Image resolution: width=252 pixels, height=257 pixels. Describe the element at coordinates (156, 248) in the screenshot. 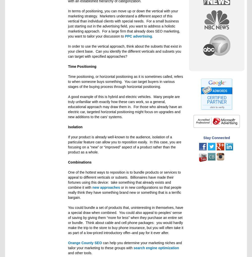

I see `'search engine optimization'` at that location.